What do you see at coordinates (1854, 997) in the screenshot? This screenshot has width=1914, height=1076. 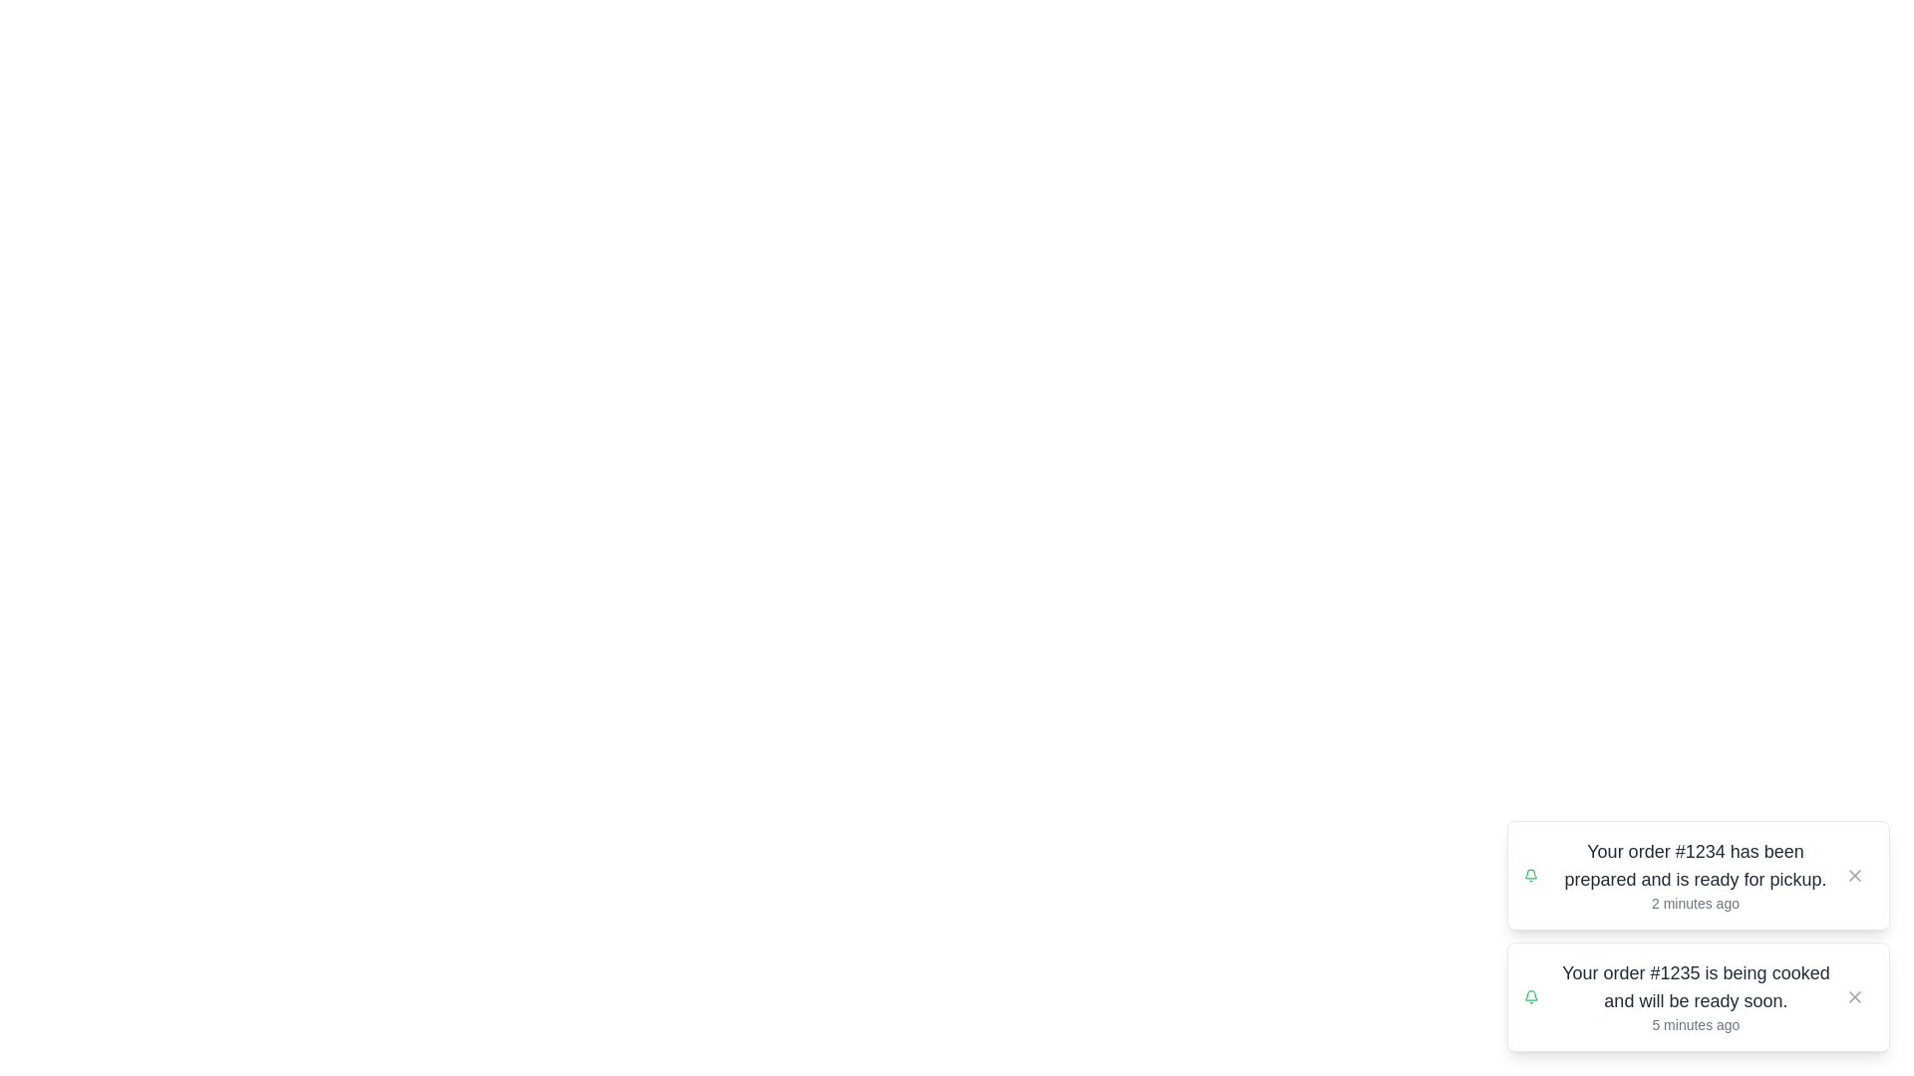 I see `the close icon button located at the top-right corner of the bottom notification card` at bounding box center [1854, 997].